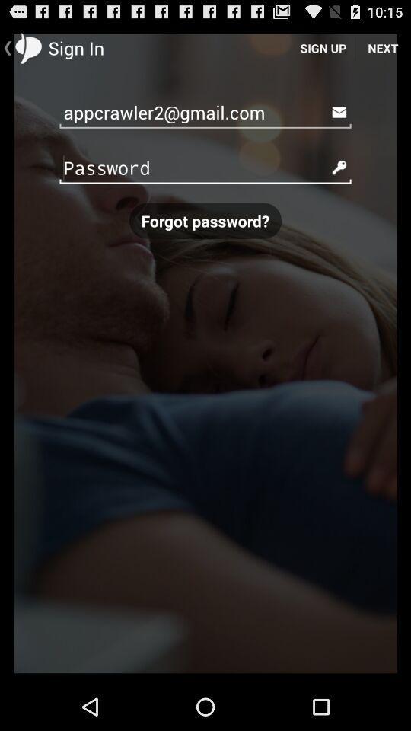 The height and width of the screenshot is (731, 411). Describe the element at coordinates (382, 47) in the screenshot. I see `item next to the sign up` at that location.